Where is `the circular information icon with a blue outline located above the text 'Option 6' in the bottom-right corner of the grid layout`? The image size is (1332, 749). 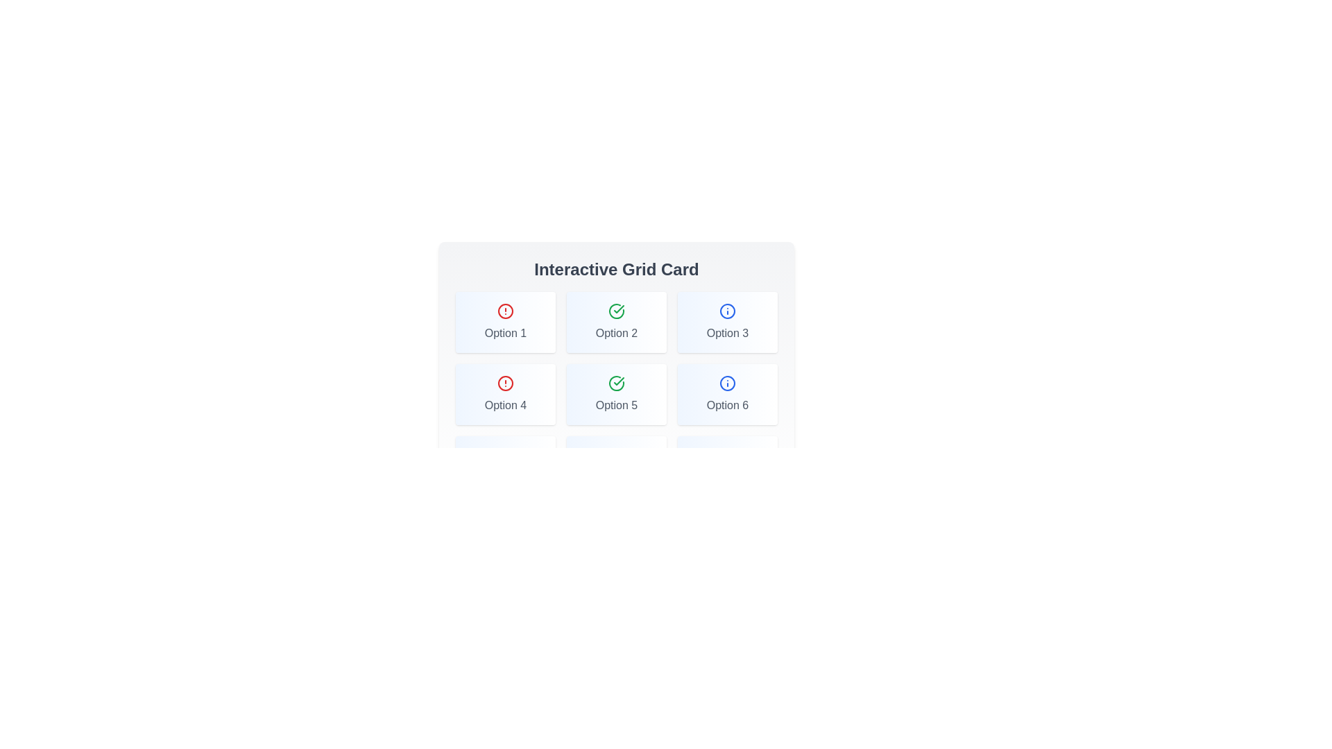
the circular information icon with a blue outline located above the text 'Option 6' in the bottom-right corner of the grid layout is located at coordinates (727, 383).